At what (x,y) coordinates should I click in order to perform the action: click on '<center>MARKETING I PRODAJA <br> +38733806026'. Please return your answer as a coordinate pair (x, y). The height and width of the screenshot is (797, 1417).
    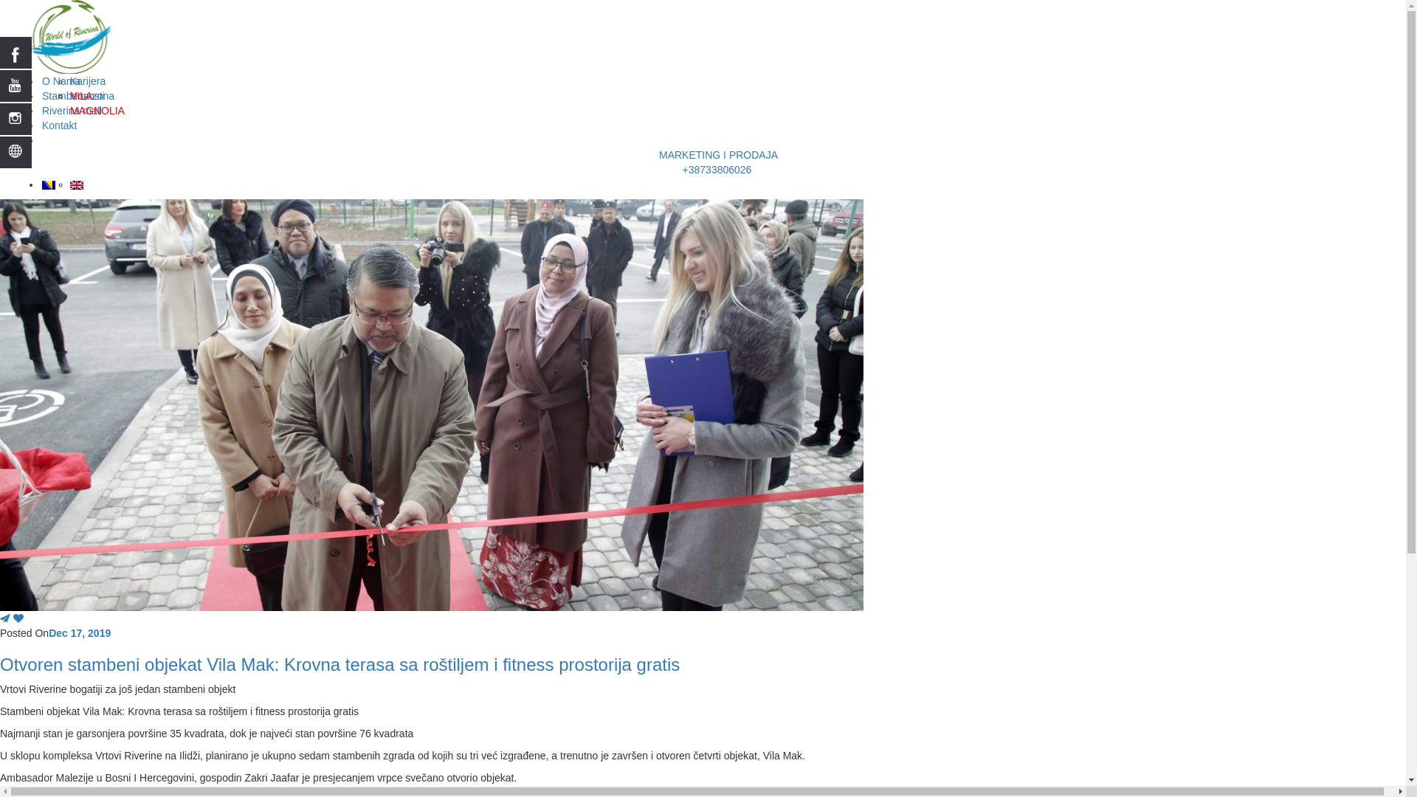
    Looking at the image, I should click on (42, 139).